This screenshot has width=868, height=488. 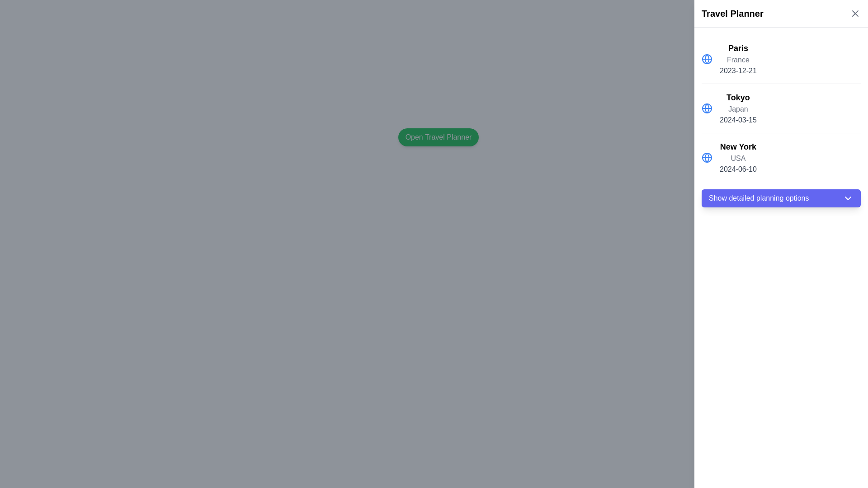 I want to click on the 'X' icon button in the top-right corner of the panel header, so click(x=854, y=14).